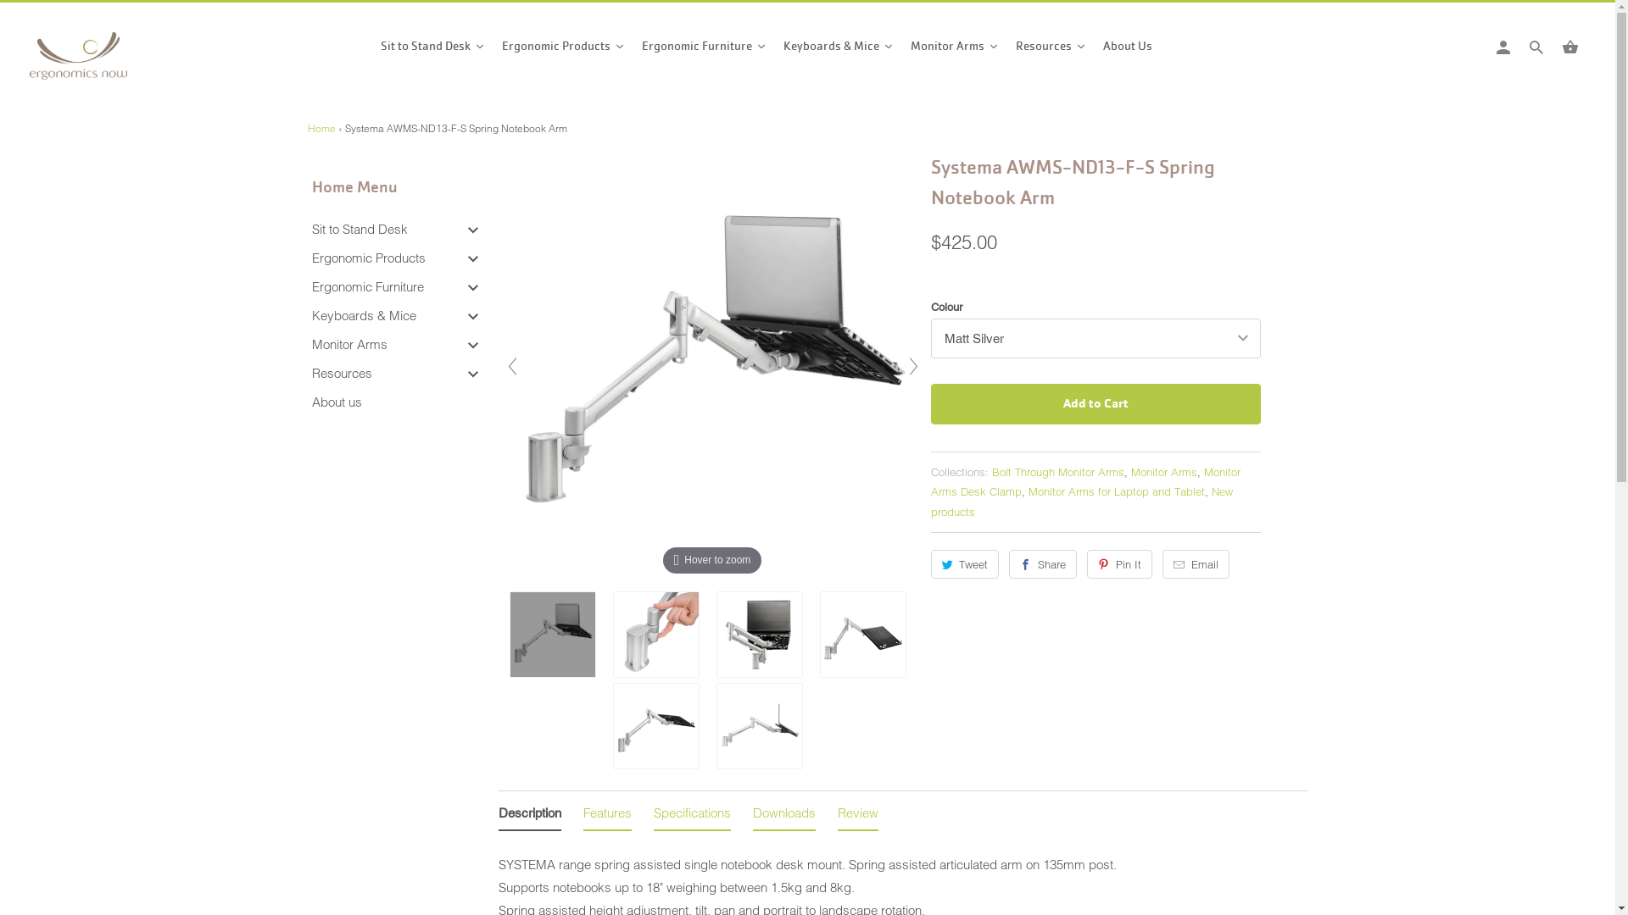  What do you see at coordinates (1096, 404) in the screenshot?
I see `'Add to Cart'` at bounding box center [1096, 404].